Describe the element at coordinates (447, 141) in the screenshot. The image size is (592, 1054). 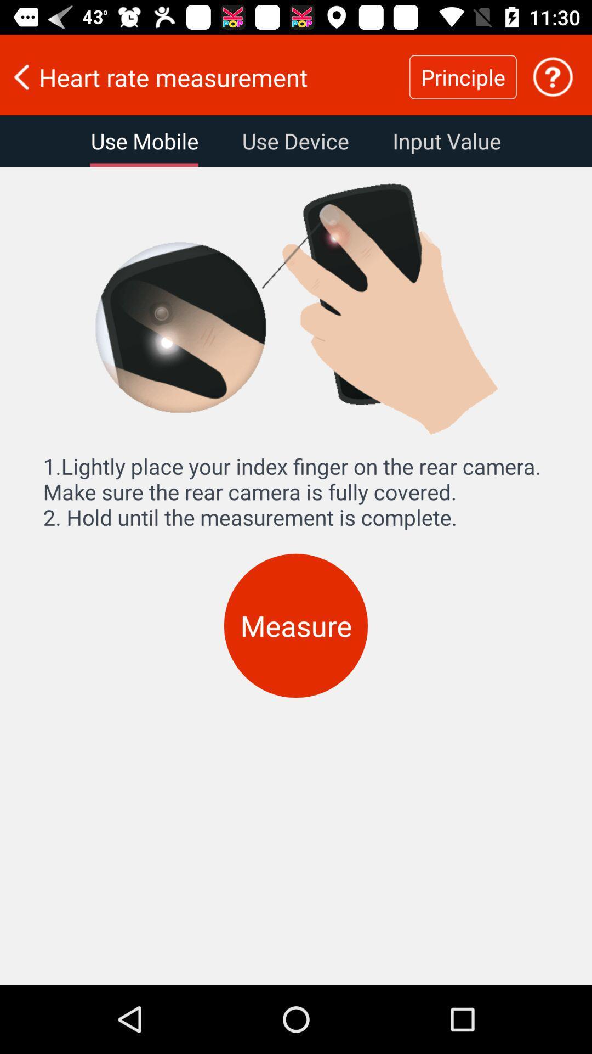
I see `input value item` at that location.